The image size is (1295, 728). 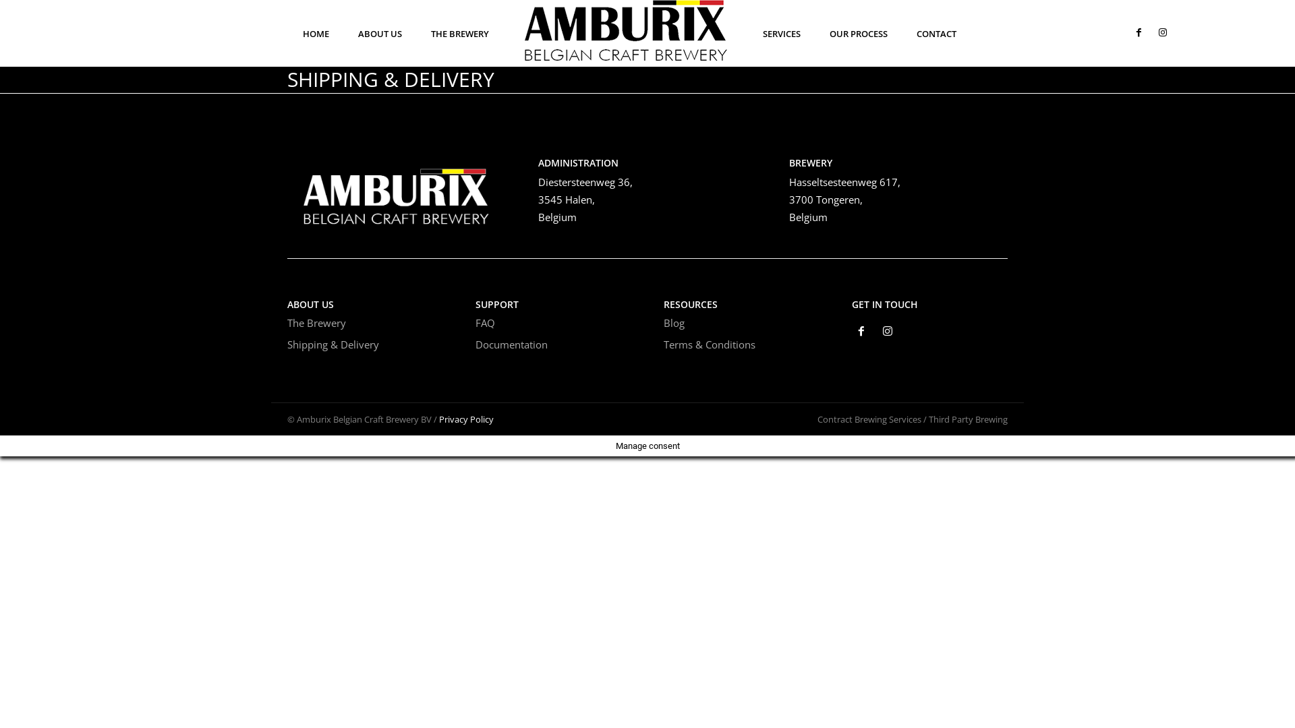 What do you see at coordinates (625, 30) in the screenshot?
I see `'Amburix Belgian Craft Brewery'` at bounding box center [625, 30].